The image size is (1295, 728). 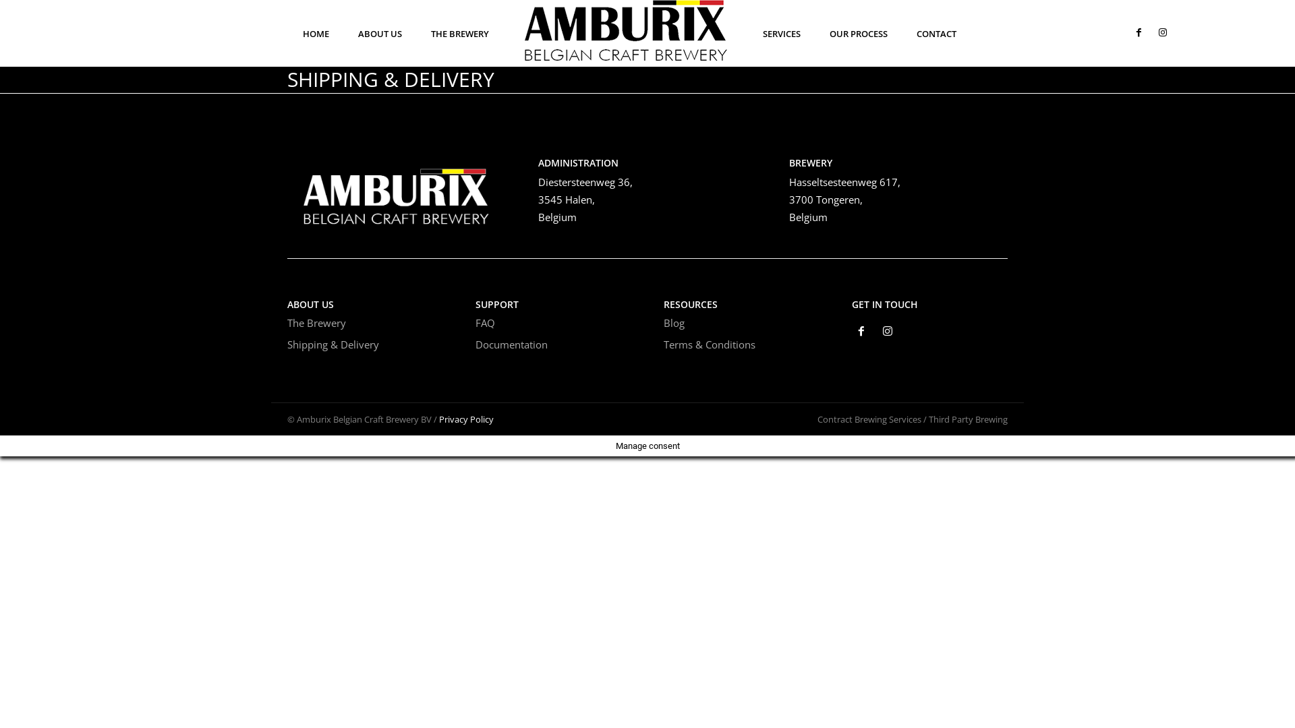 What do you see at coordinates (625, 30) in the screenshot?
I see `'Amburix Belgian Craft Brewery'` at bounding box center [625, 30].